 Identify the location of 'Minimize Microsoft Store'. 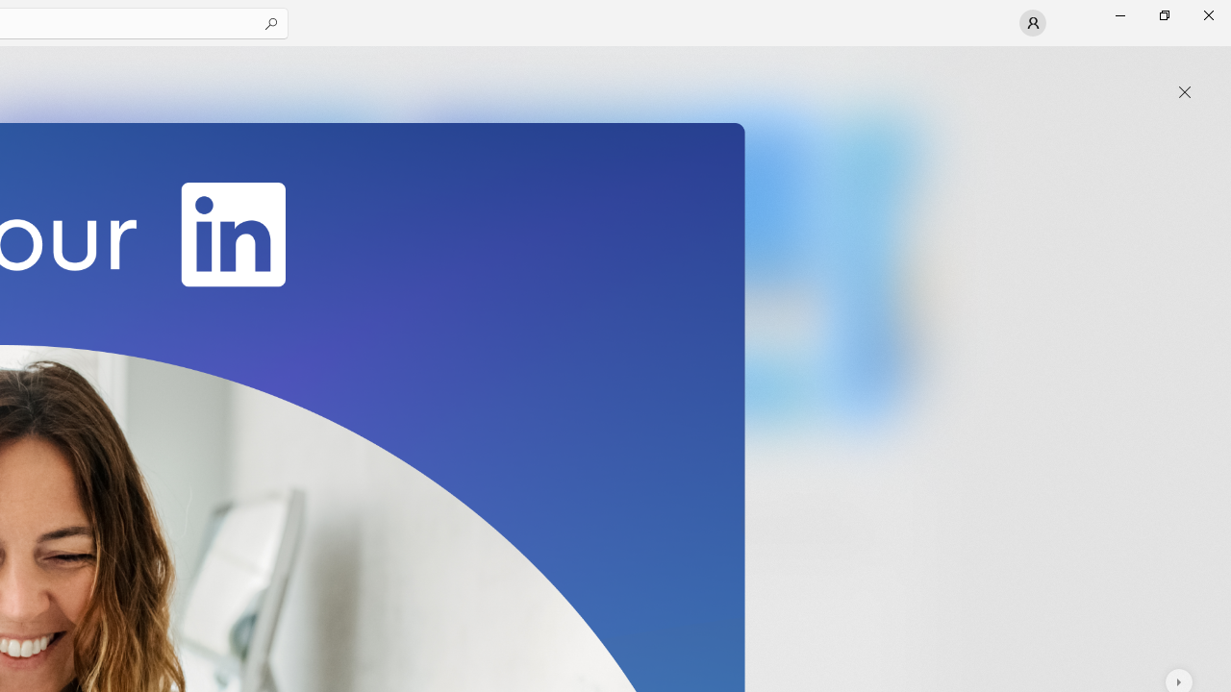
(1119, 14).